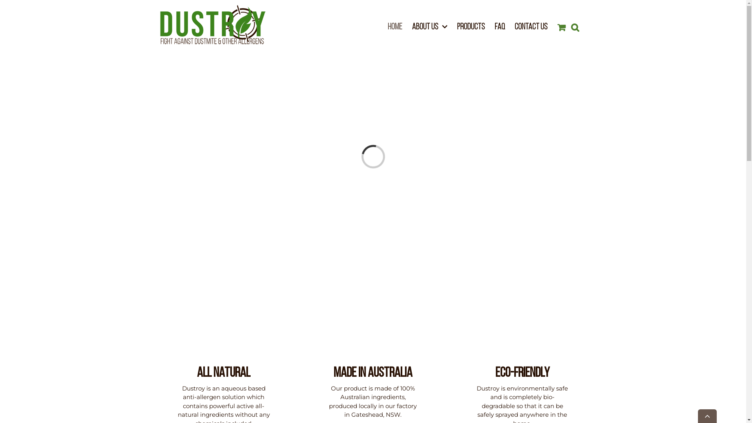 The height and width of the screenshot is (423, 752). What do you see at coordinates (575, 27) in the screenshot?
I see `'Search'` at bounding box center [575, 27].